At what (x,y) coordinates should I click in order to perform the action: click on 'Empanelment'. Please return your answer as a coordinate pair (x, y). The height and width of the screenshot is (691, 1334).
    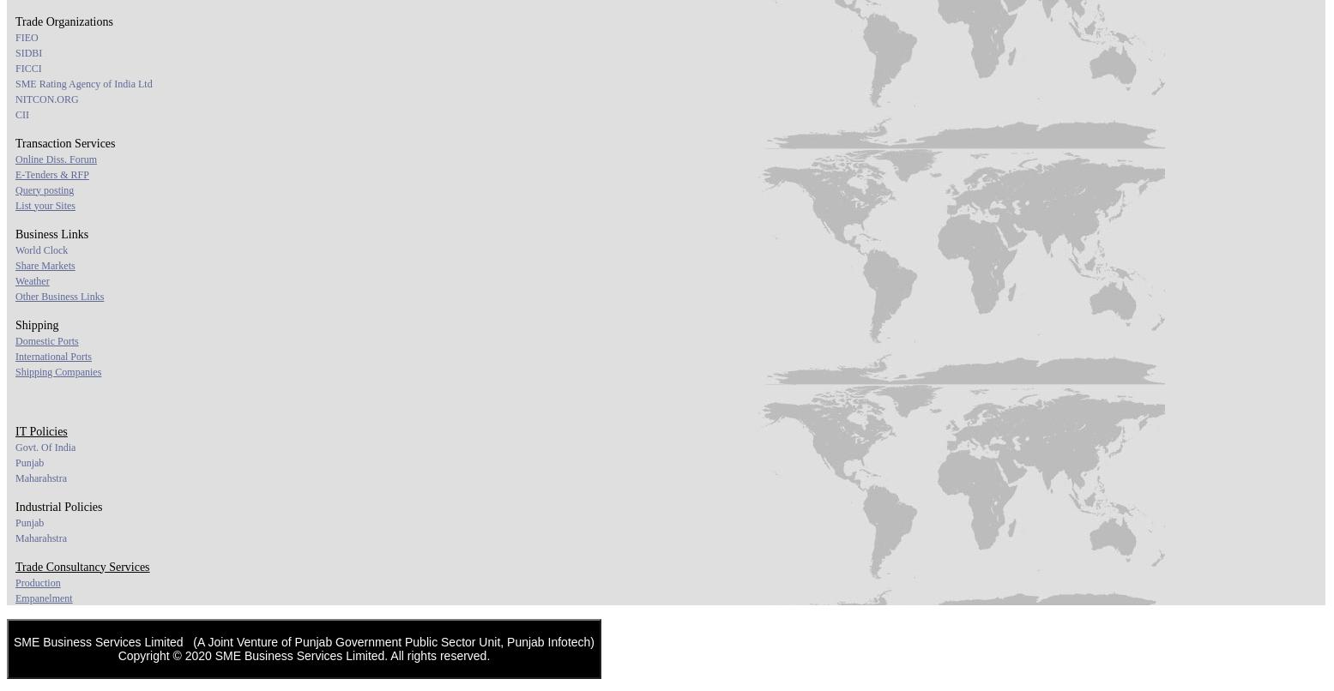
    Looking at the image, I should click on (15, 598).